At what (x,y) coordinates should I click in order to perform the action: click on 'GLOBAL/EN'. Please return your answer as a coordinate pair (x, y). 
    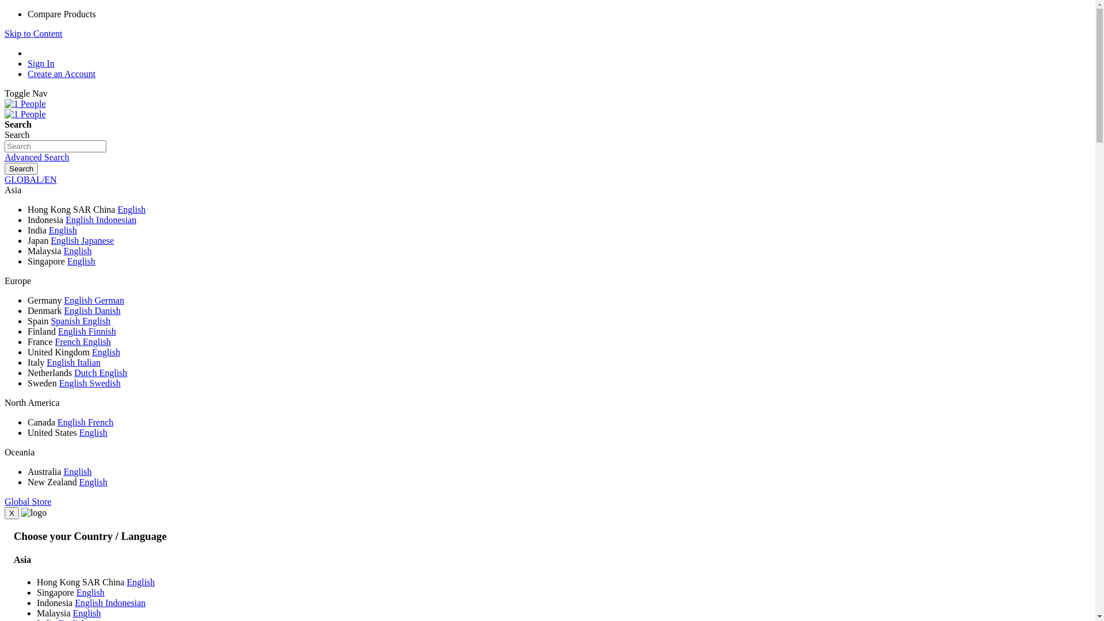
    Looking at the image, I should click on (30, 179).